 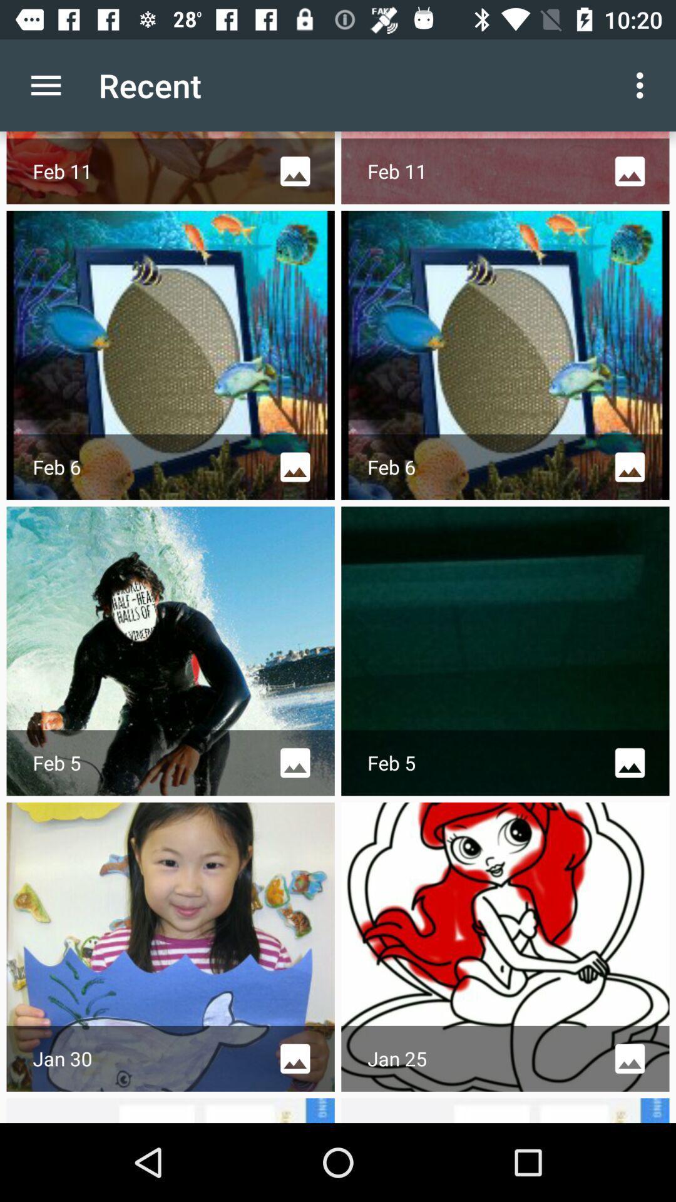 What do you see at coordinates (45, 85) in the screenshot?
I see `icon to the left of the recent item` at bounding box center [45, 85].